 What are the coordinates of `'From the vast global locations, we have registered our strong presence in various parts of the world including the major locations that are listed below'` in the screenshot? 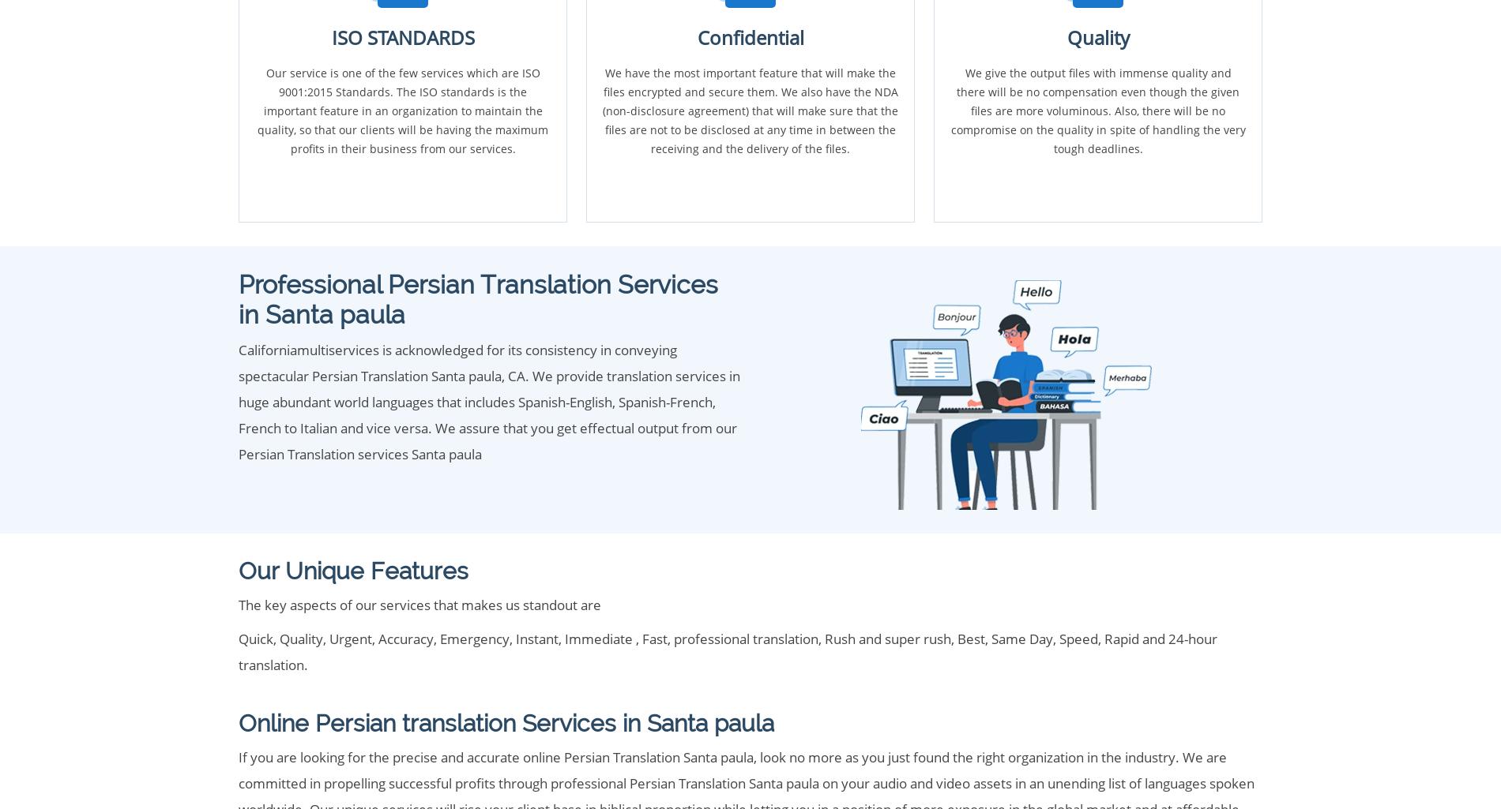 It's located at (695, 163).